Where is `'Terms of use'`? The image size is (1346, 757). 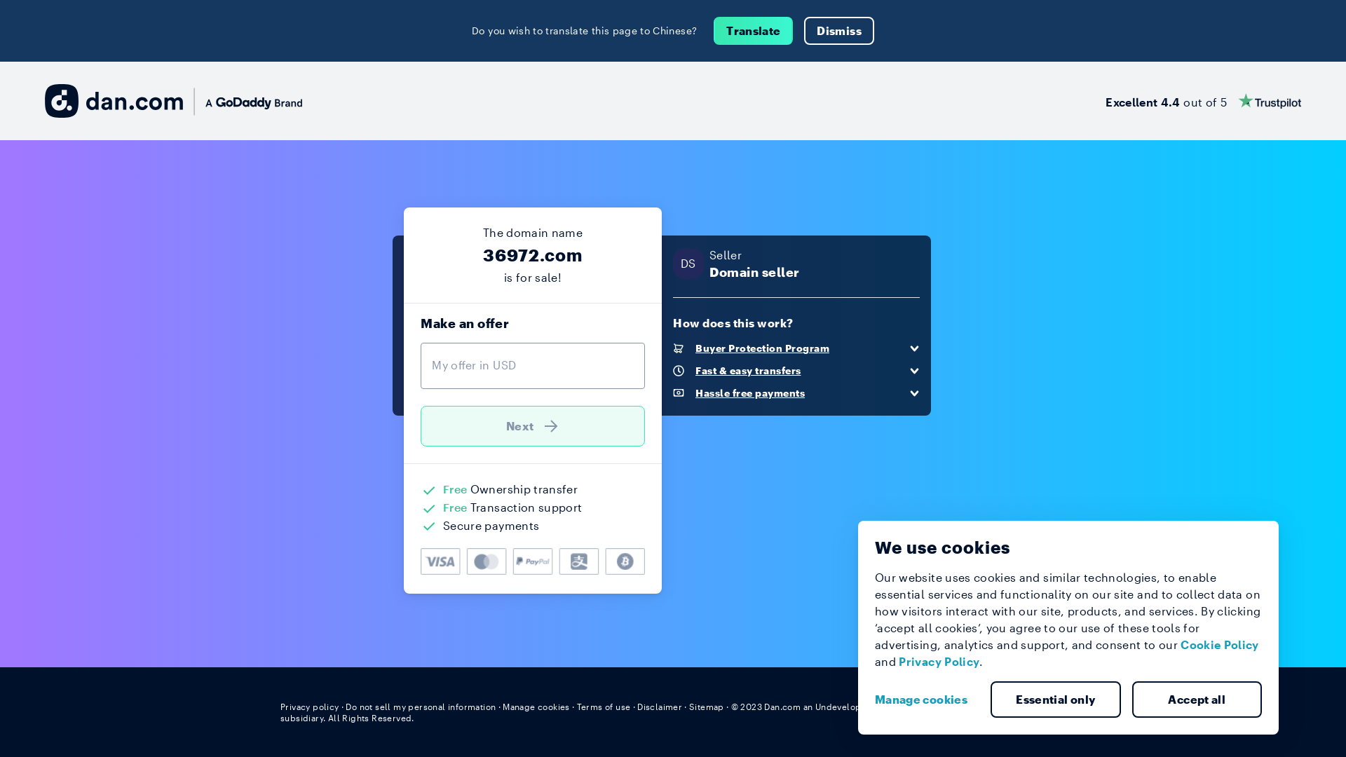
'Terms of use' is located at coordinates (576, 706).